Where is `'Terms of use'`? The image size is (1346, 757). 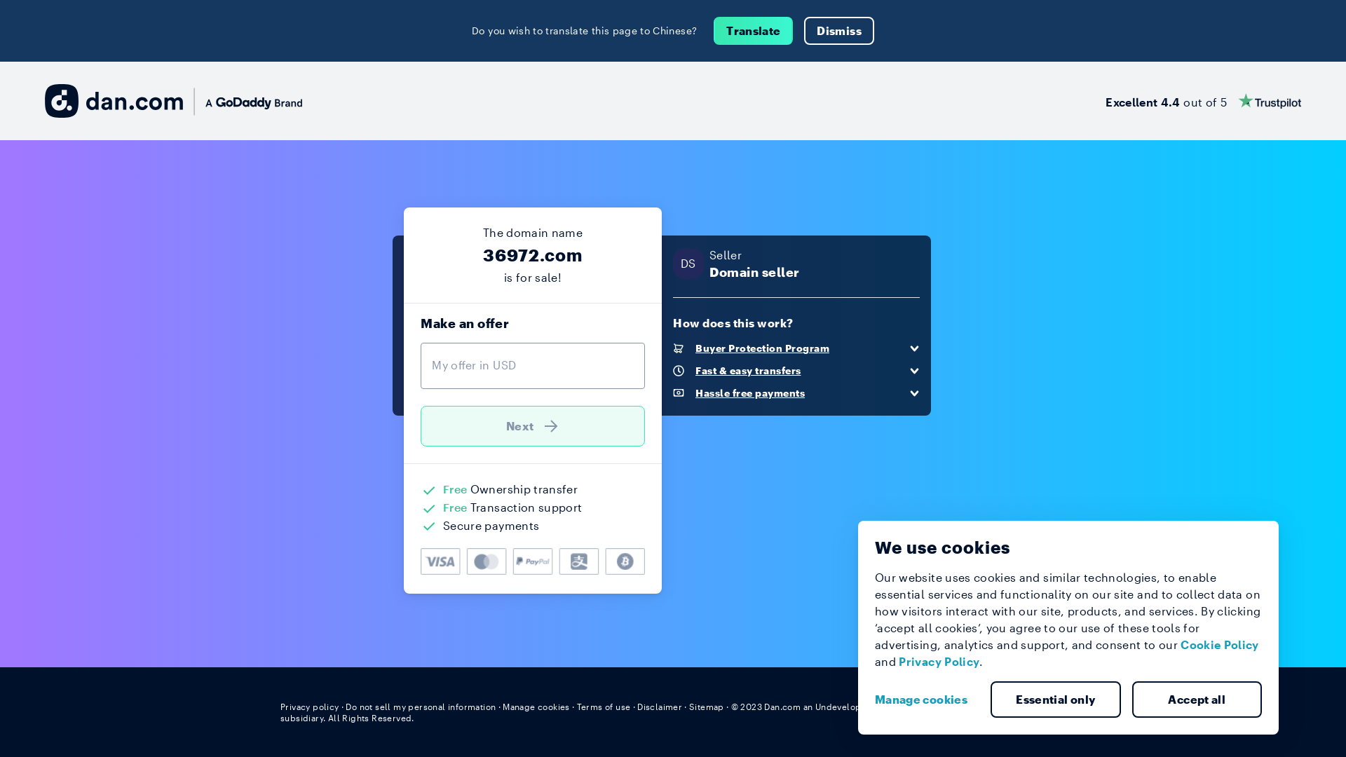
'Terms of use' is located at coordinates (576, 706).